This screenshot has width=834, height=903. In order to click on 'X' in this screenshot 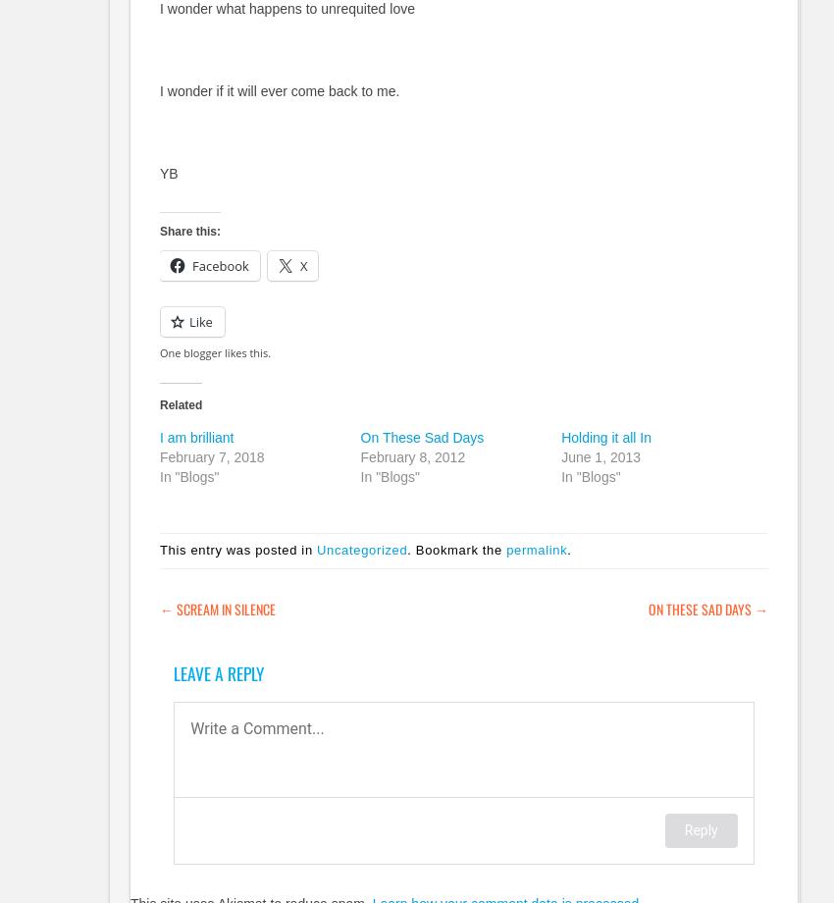, I will do `click(298, 265)`.